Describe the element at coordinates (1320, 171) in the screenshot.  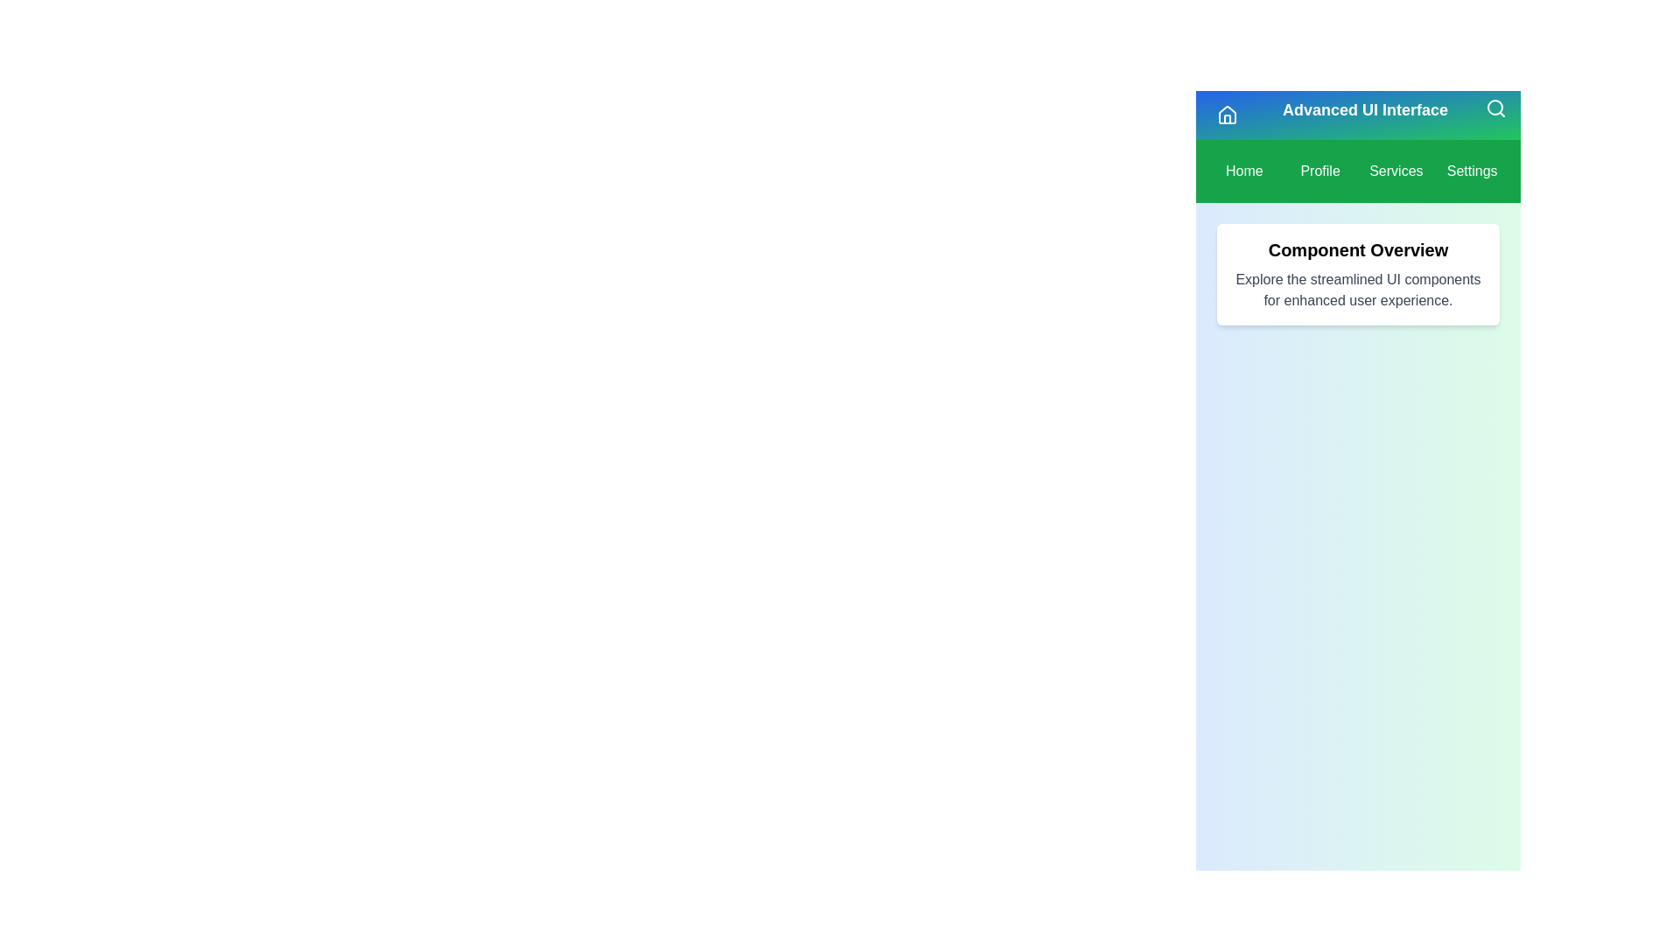
I see `the menu item Profile to navigate to the corresponding section` at that location.